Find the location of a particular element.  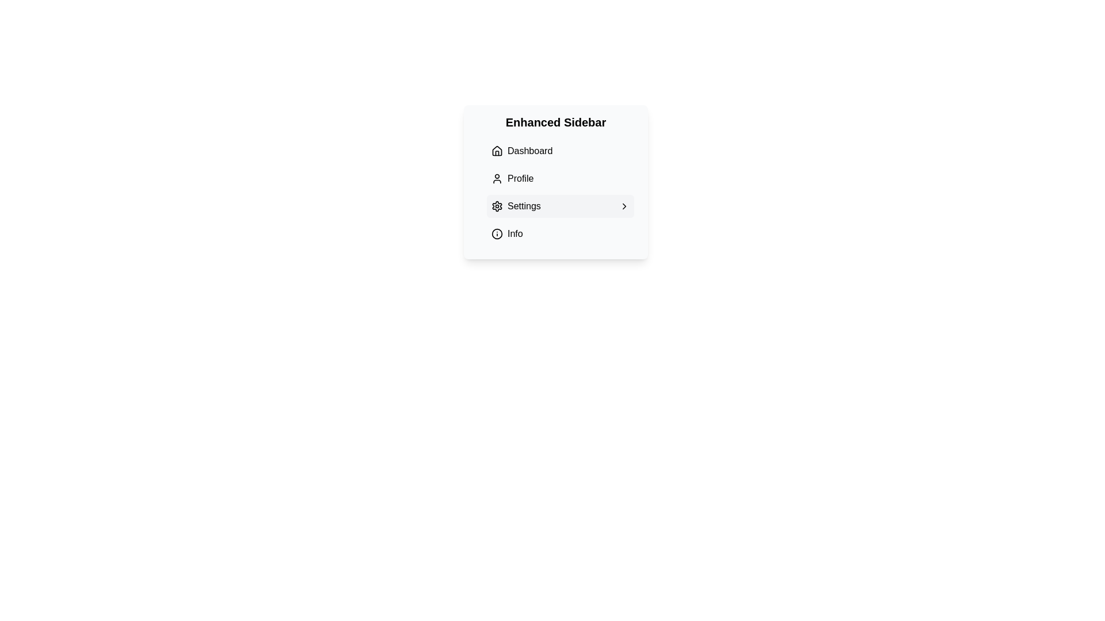

the chevron icon located to the far right of the 'Settings' text in the sidebar menu is located at coordinates (623, 205).